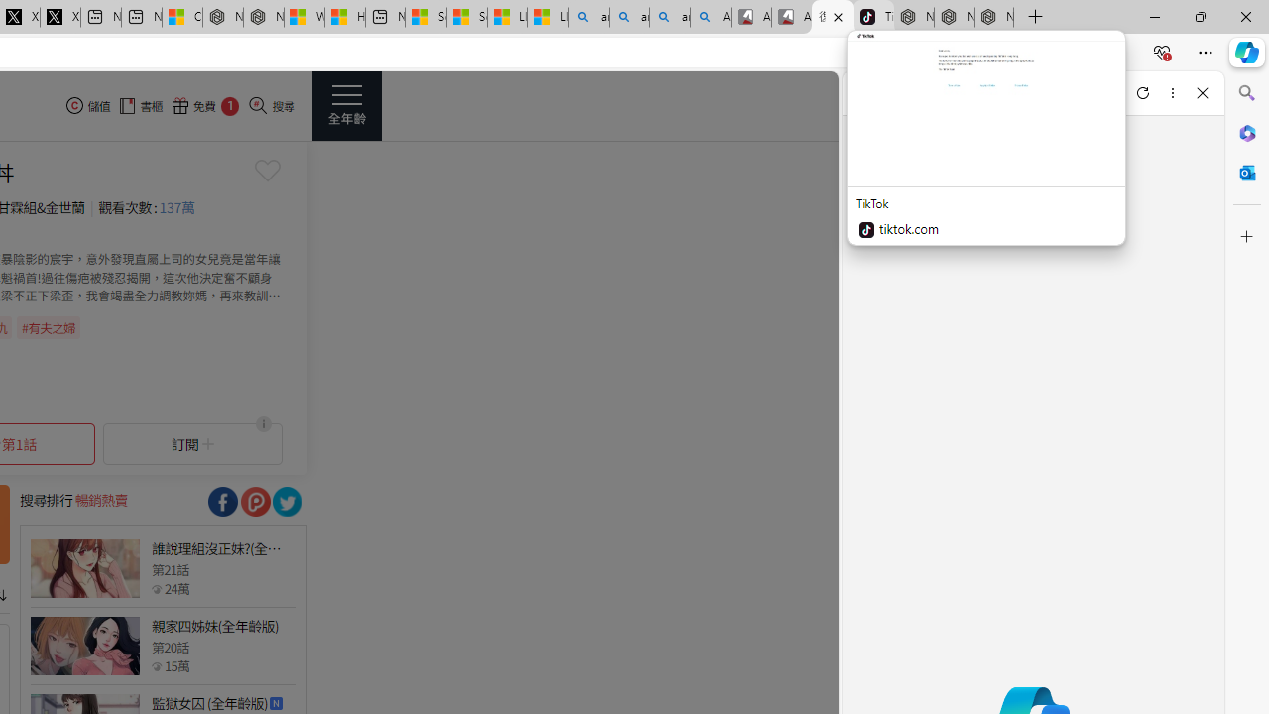 This screenshot has width=1269, height=714. I want to click on 'Show translate options', so click(942, 52).